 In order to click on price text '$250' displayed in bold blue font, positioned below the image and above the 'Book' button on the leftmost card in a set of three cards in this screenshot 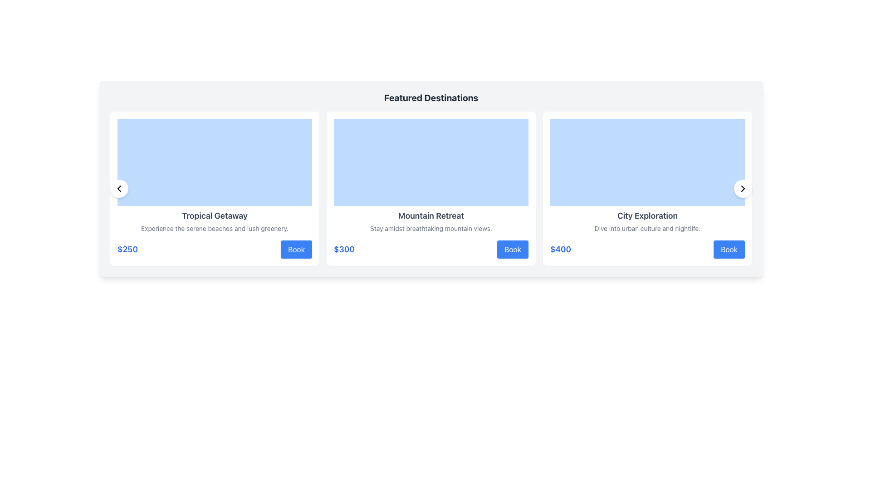, I will do `click(127, 250)`.